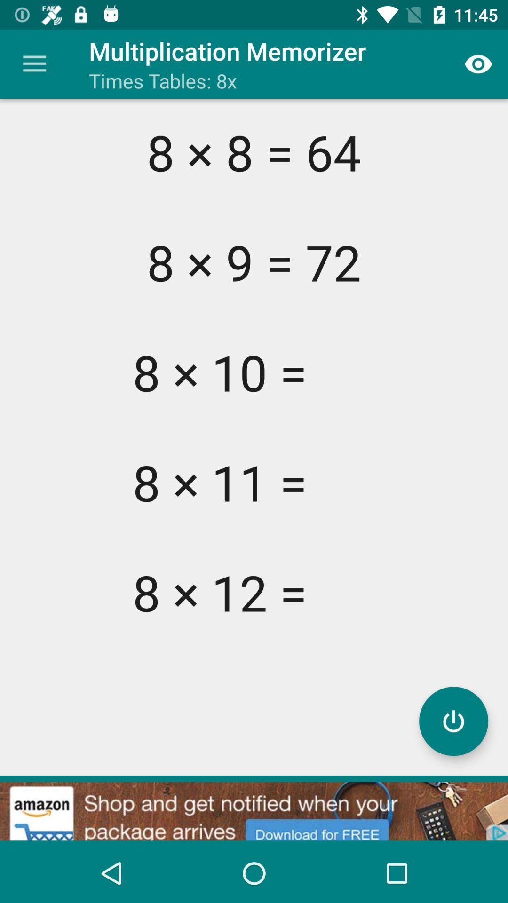  I want to click on stop, so click(453, 721).